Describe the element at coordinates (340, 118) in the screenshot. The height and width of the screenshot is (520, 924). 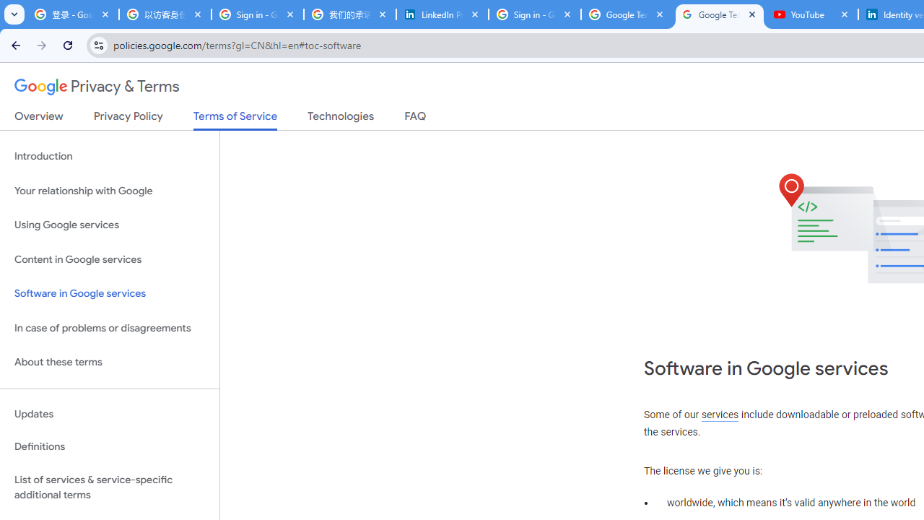
I see `'Technologies'` at that location.